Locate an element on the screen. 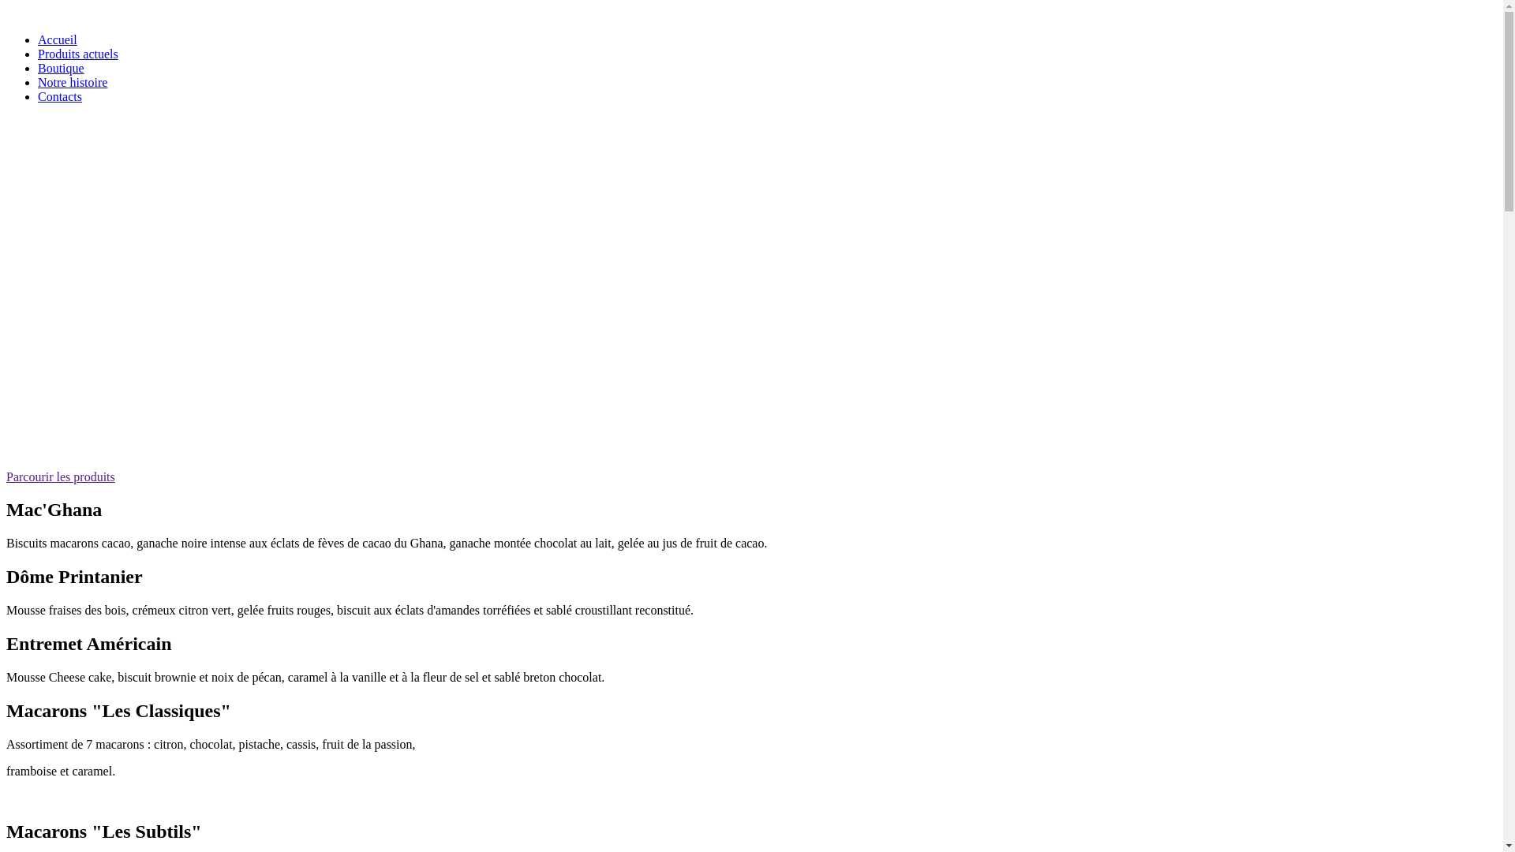  'Notre histoire' is located at coordinates (71, 82).